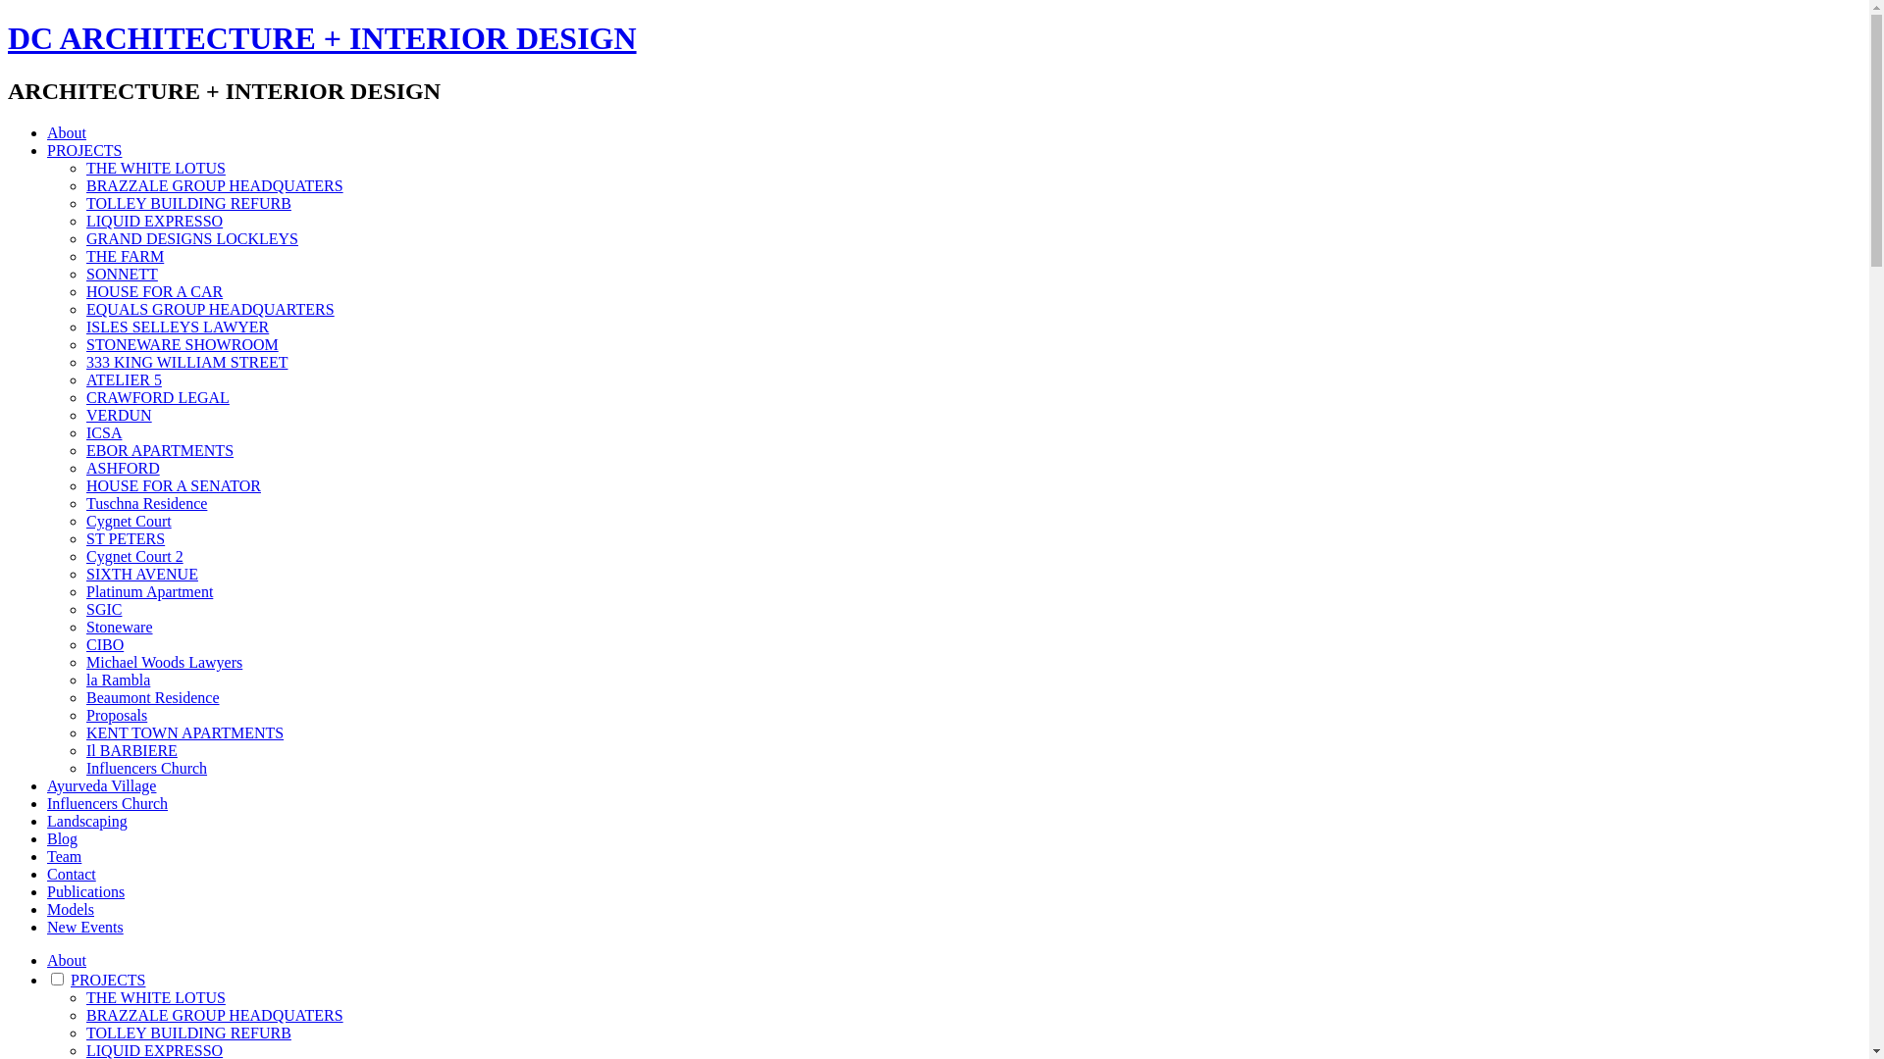 This screenshot has height=1059, width=1884. I want to click on 'EBOR APARTMENTS', so click(160, 450).